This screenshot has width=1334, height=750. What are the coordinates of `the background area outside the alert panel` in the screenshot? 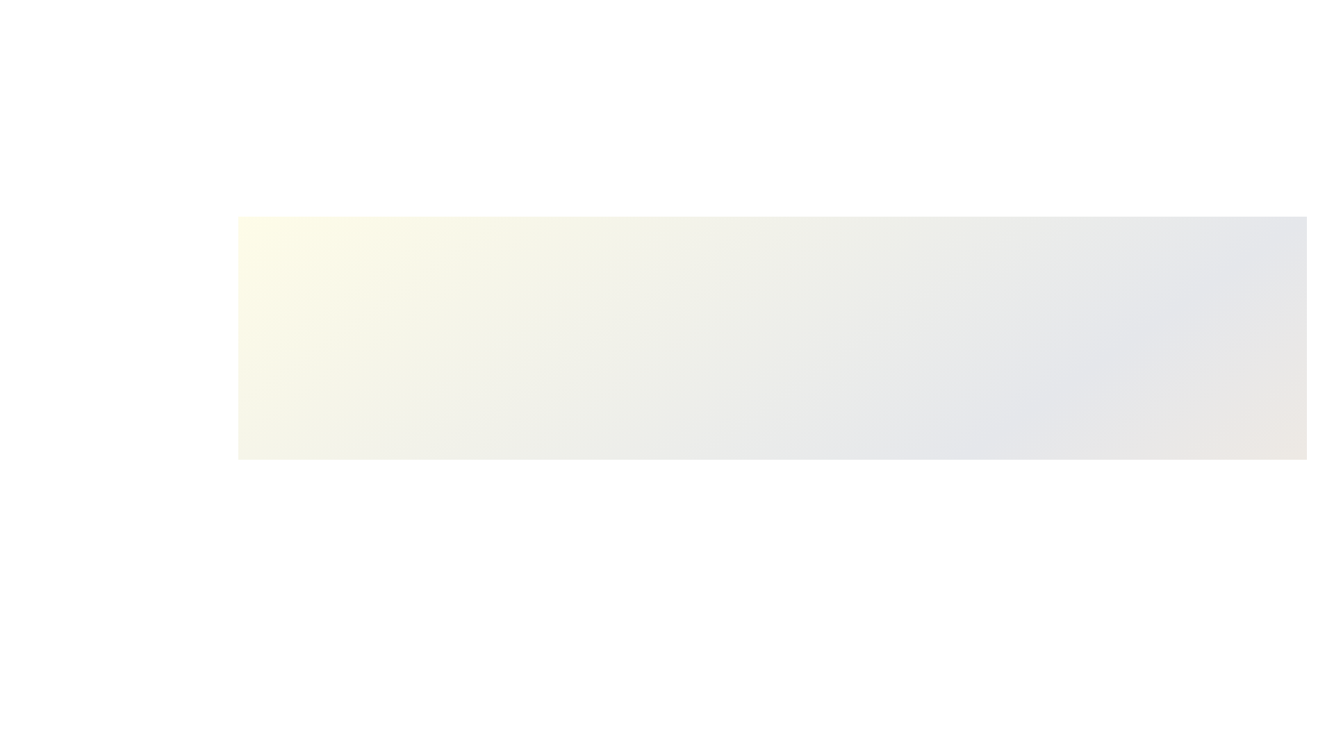 It's located at (69, 69).